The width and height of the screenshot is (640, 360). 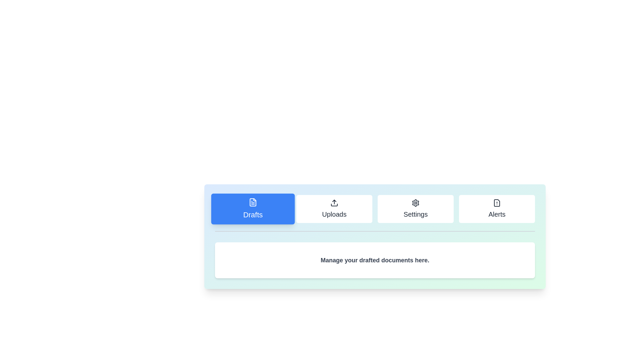 What do you see at coordinates (415, 209) in the screenshot?
I see `the tab labeled Settings to view its content` at bounding box center [415, 209].